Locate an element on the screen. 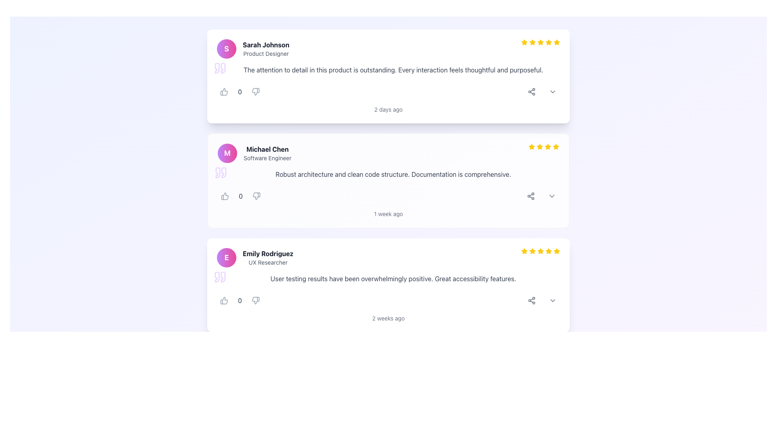  the fifth yellow star-shaped icon in the rating group on the top-right area of the user review card to modify the rating is located at coordinates (556, 250).